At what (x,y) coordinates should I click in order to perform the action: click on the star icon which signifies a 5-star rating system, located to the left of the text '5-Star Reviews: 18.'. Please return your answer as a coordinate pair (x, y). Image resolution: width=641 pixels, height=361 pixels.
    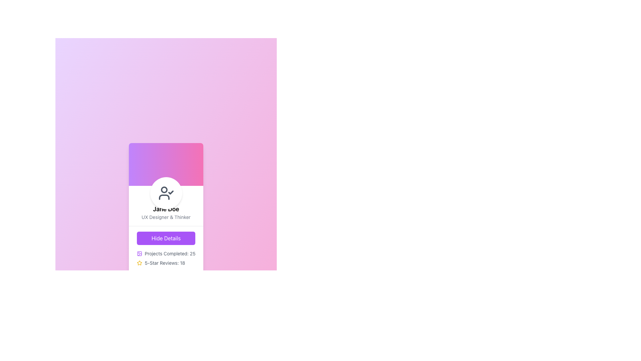
    Looking at the image, I should click on (139, 262).